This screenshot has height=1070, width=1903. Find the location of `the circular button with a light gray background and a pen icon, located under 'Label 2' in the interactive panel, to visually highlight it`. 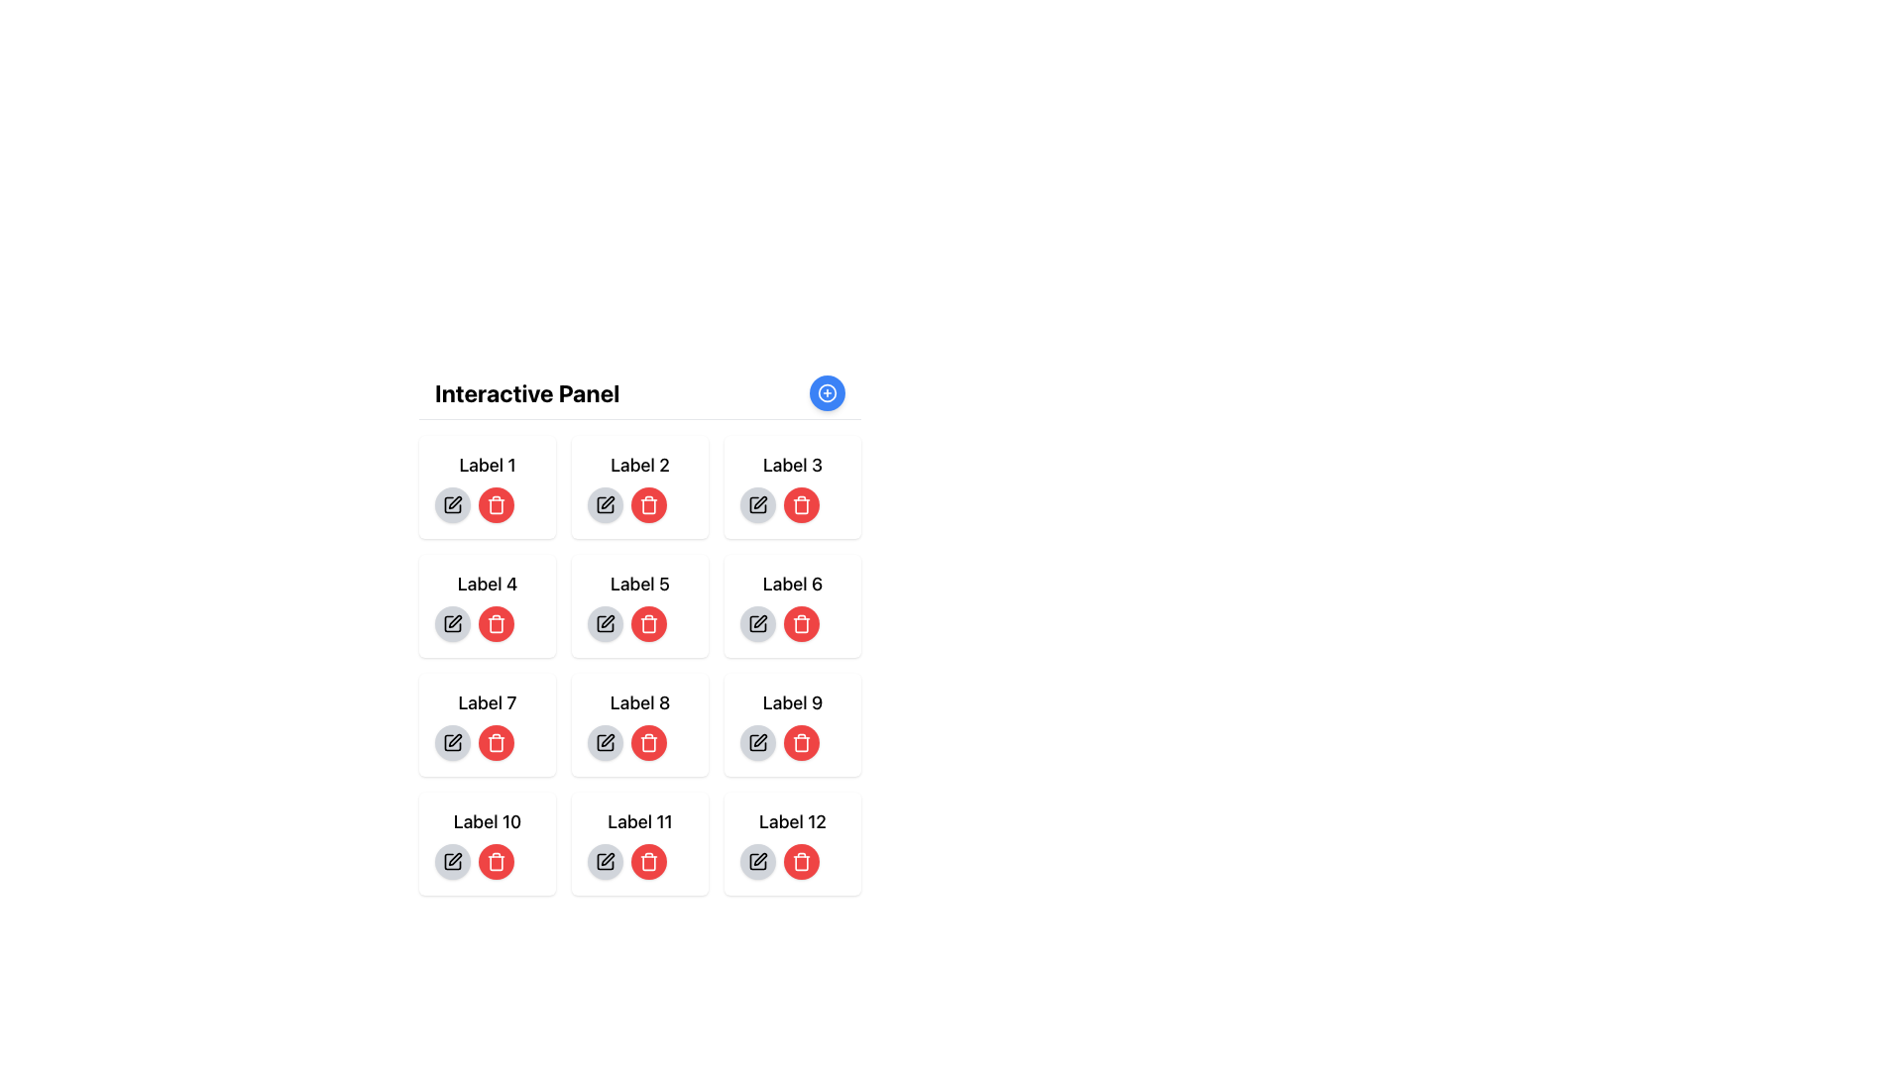

the circular button with a light gray background and a pen icon, located under 'Label 2' in the interactive panel, to visually highlight it is located at coordinates (604, 503).